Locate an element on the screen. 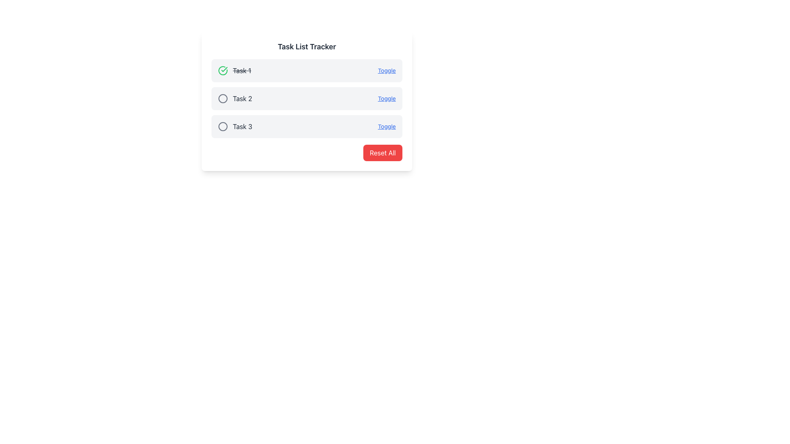 Image resolution: width=790 pixels, height=444 pixels. the hyperlink located in the top-right corner of the second task item is located at coordinates (386, 98).